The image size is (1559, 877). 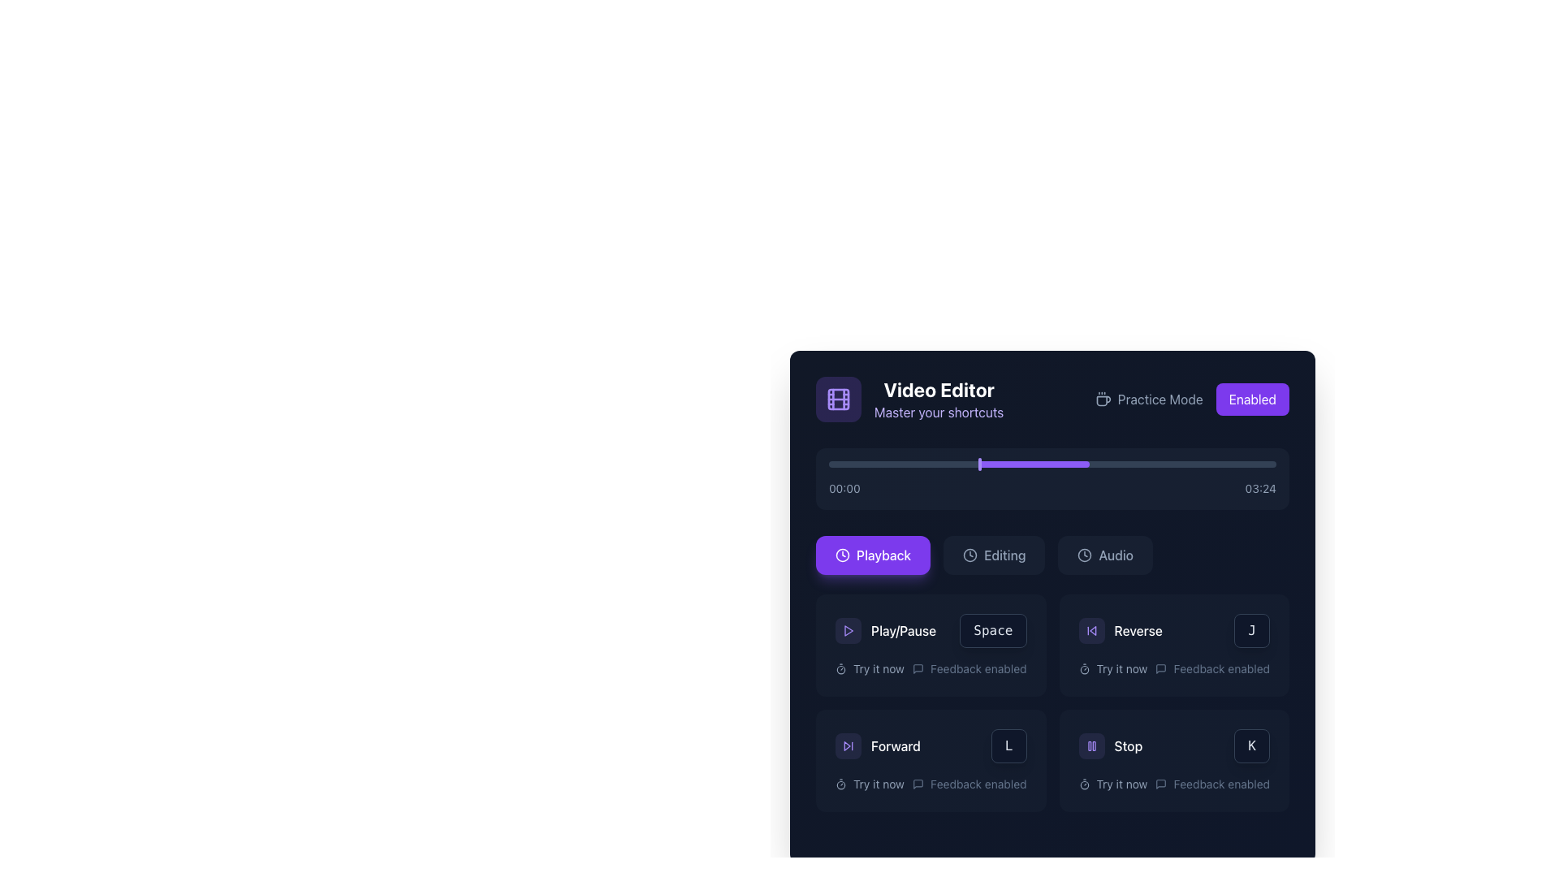 What do you see at coordinates (1120, 629) in the screenshot?
I see `the 'Reverse' button, which is a rectangular button with a dark background, located in the lower-right area of the interface in the 'Playback' section of the controls panel` at bounding box center [1120, 629].